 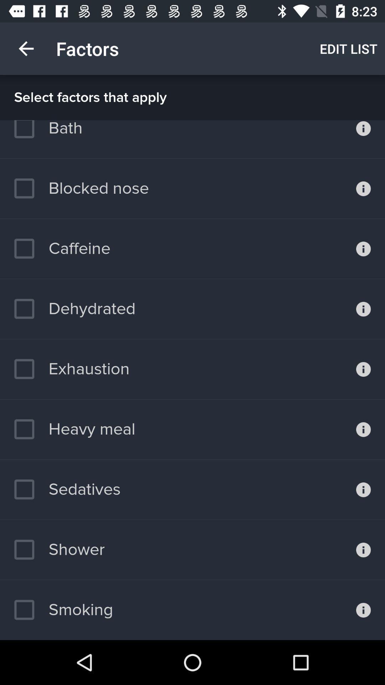 What do you see at coordinates (363, 429) in the screenshot?
I see `get information` at bounding box center [363, 429].